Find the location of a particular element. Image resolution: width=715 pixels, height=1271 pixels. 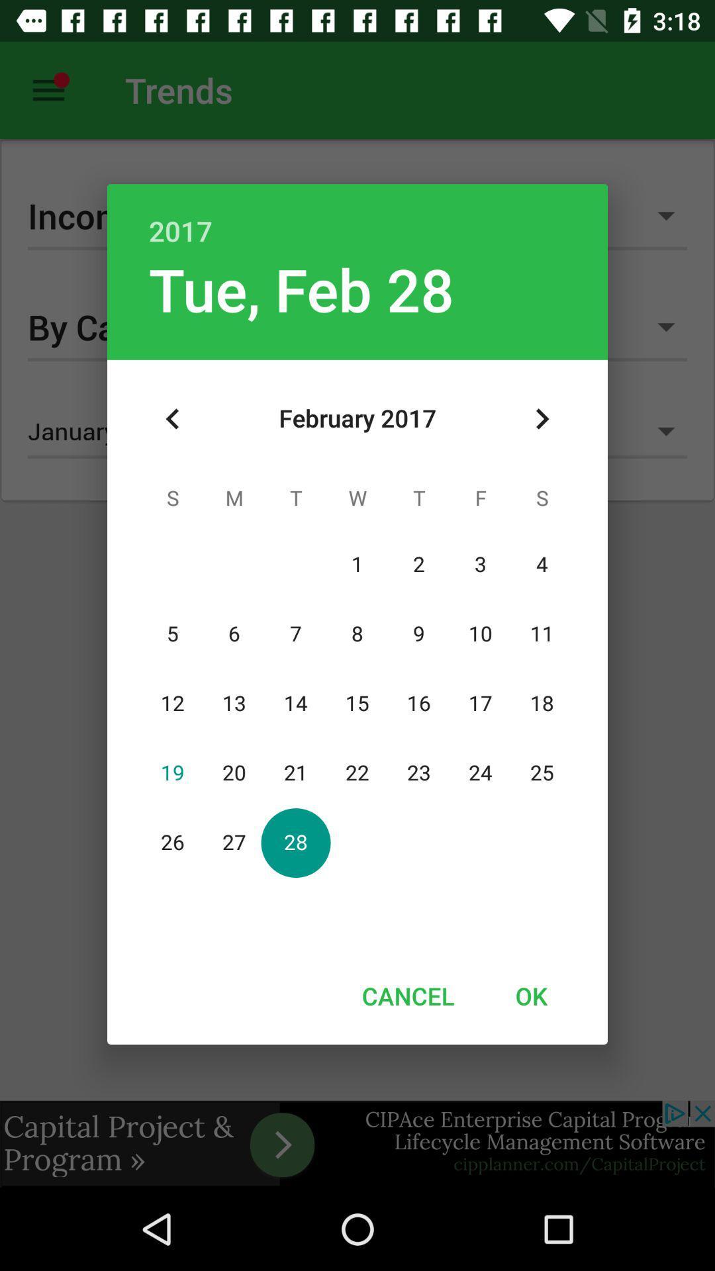

the item next to cancel item is located at coordinates (530, 996).